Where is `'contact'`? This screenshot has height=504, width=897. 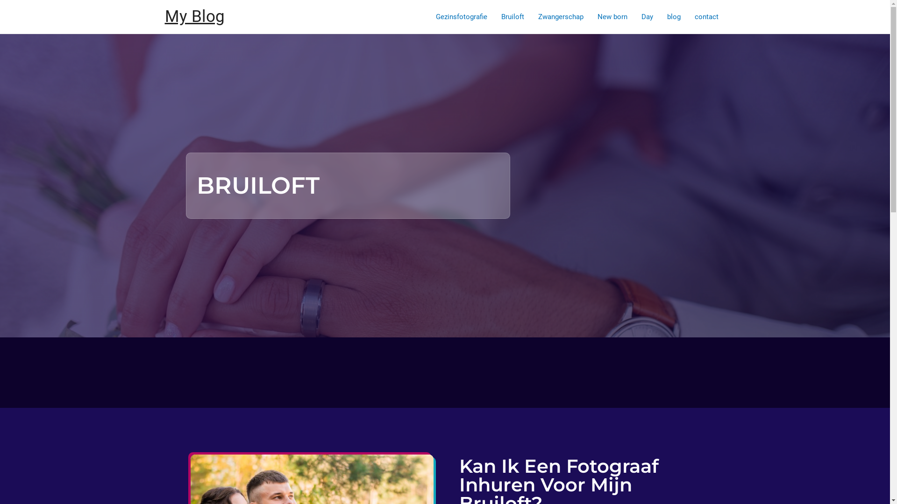 'contact' is located at coordinates (706, 16).